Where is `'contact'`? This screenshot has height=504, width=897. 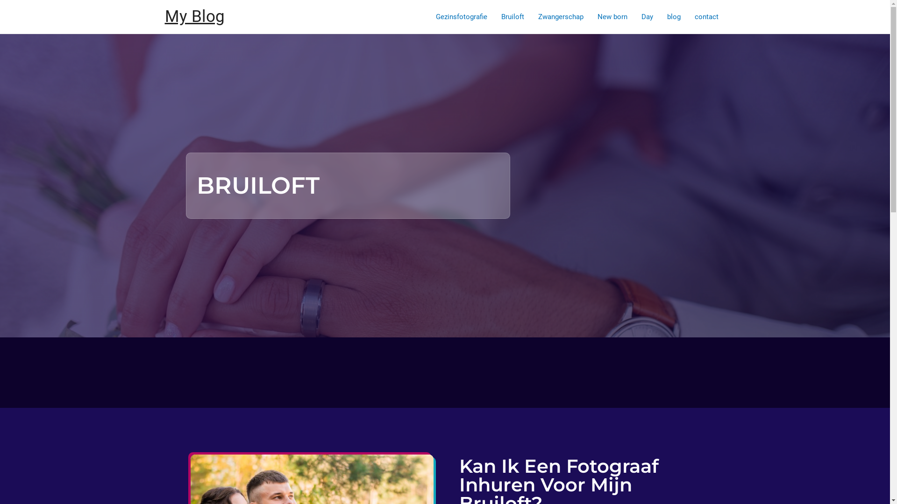 'contact' is located at coordinates (706, 16).